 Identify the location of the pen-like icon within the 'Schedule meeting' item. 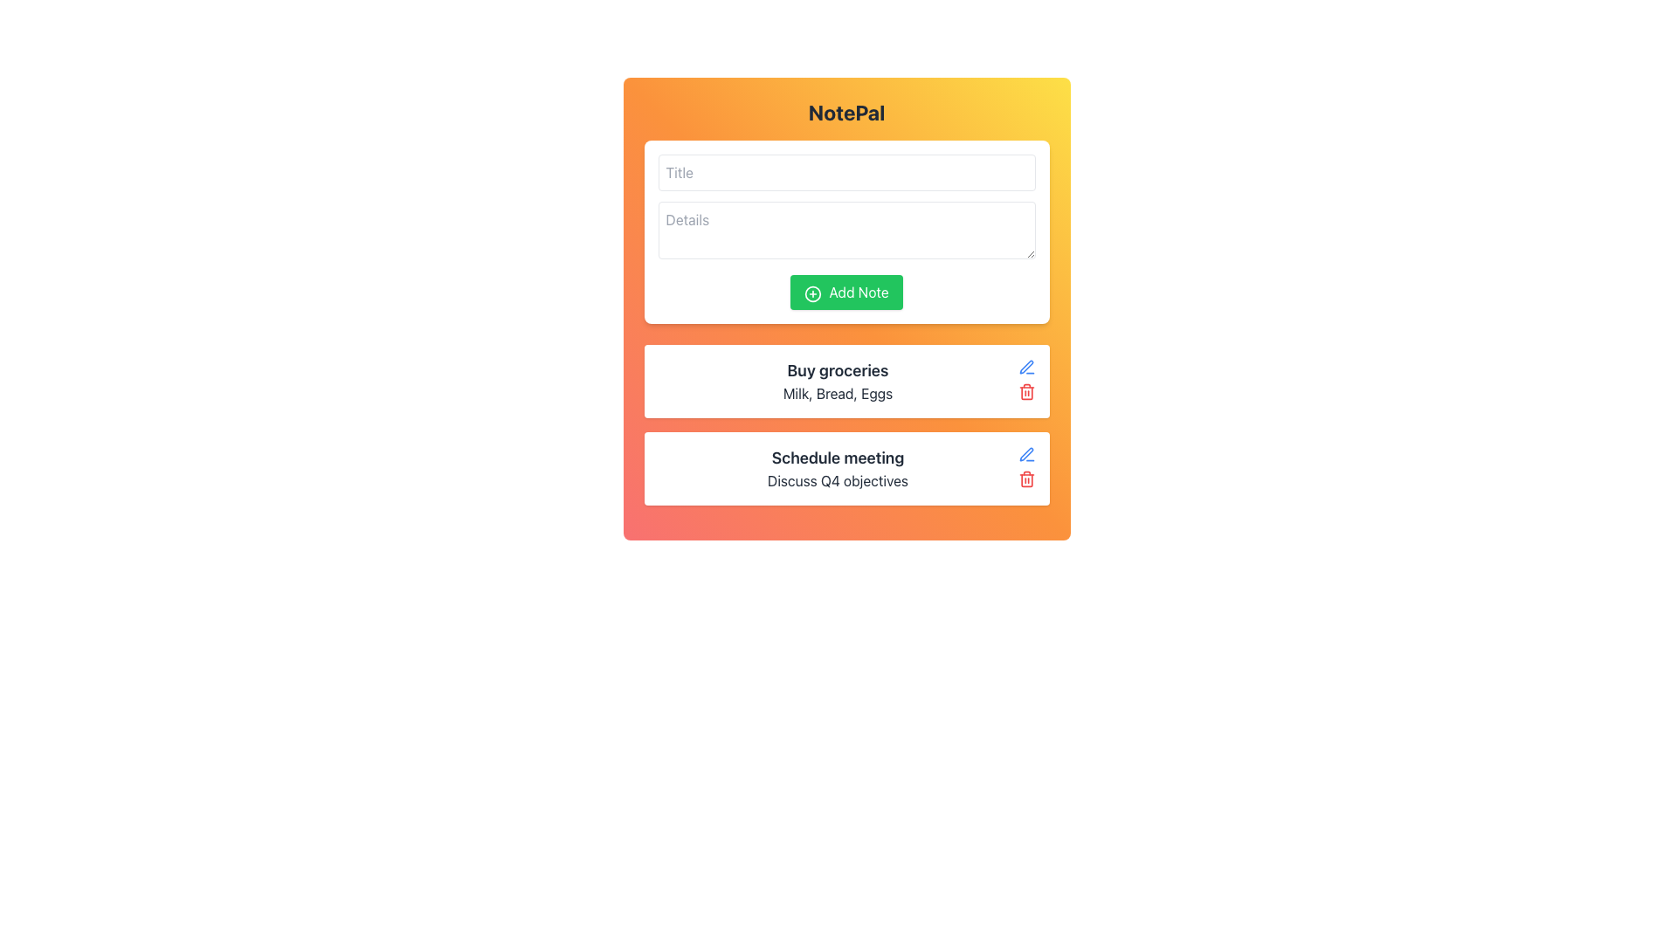
(1026, 366).